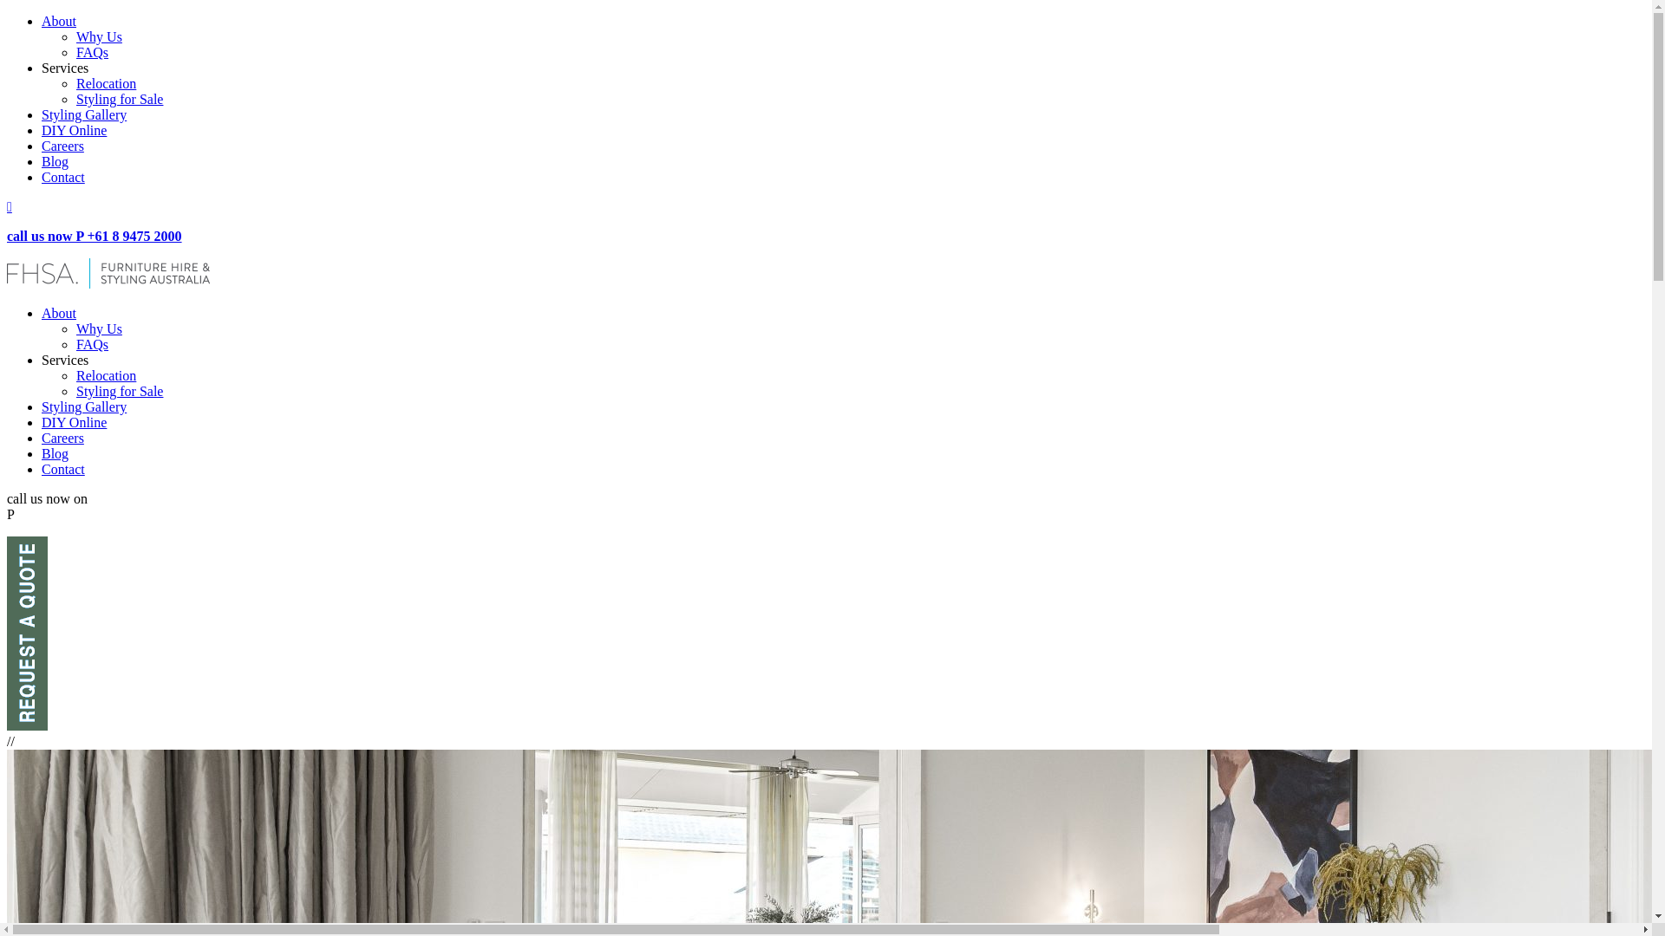 This screenshot has height=936, width=1665. What do you see at coordinates (65, 359) in the screenshot?
I see `'Services'` at bounding box center [65, 359].